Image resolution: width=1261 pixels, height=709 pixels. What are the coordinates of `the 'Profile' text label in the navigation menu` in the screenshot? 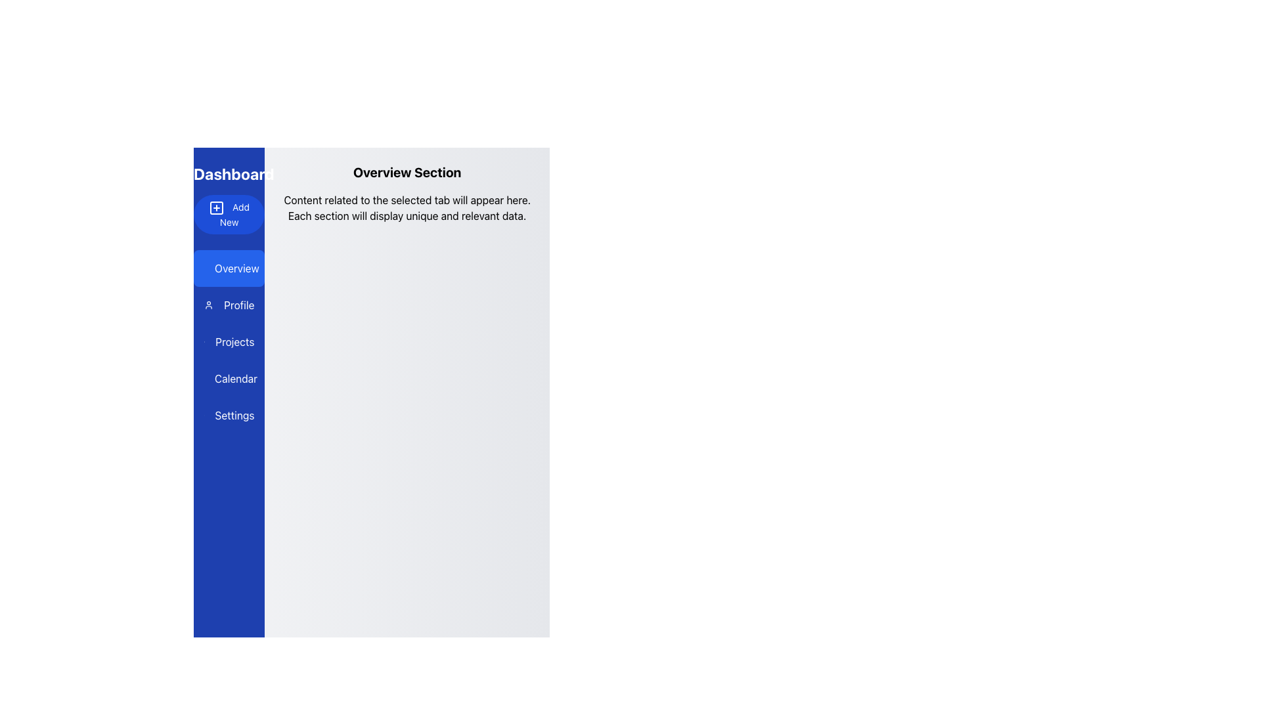 It's located at (239, 305).